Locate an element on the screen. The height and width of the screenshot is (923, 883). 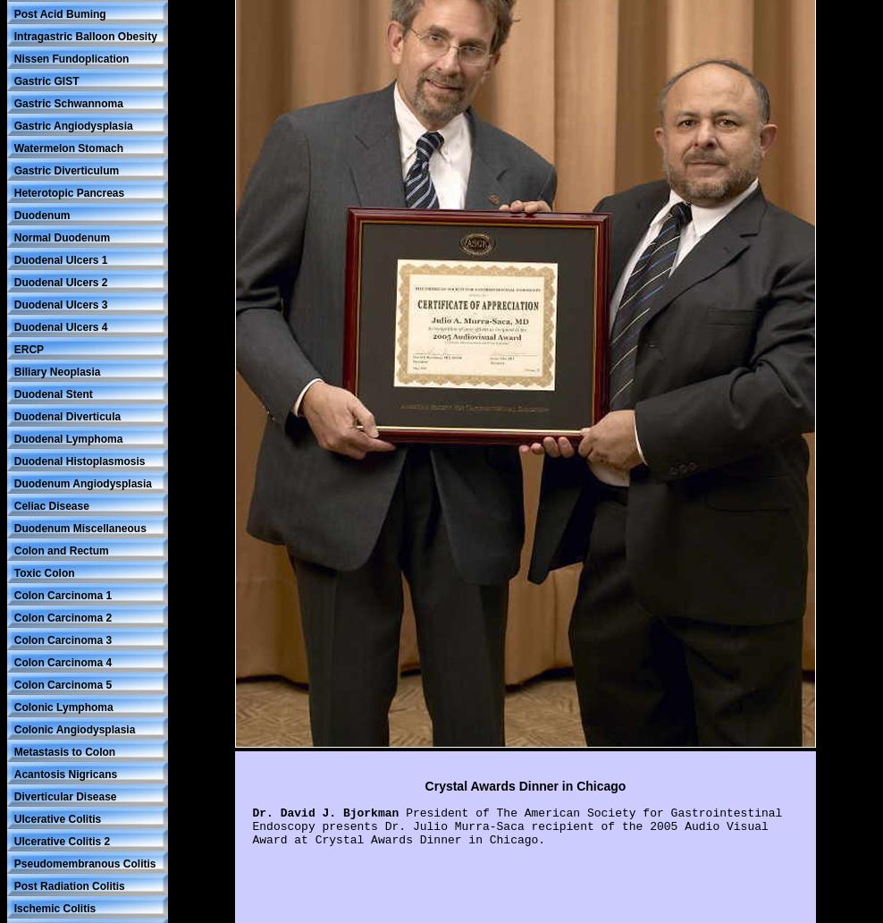
'Ischemic Colitis' is located at coordinates (53, 906).